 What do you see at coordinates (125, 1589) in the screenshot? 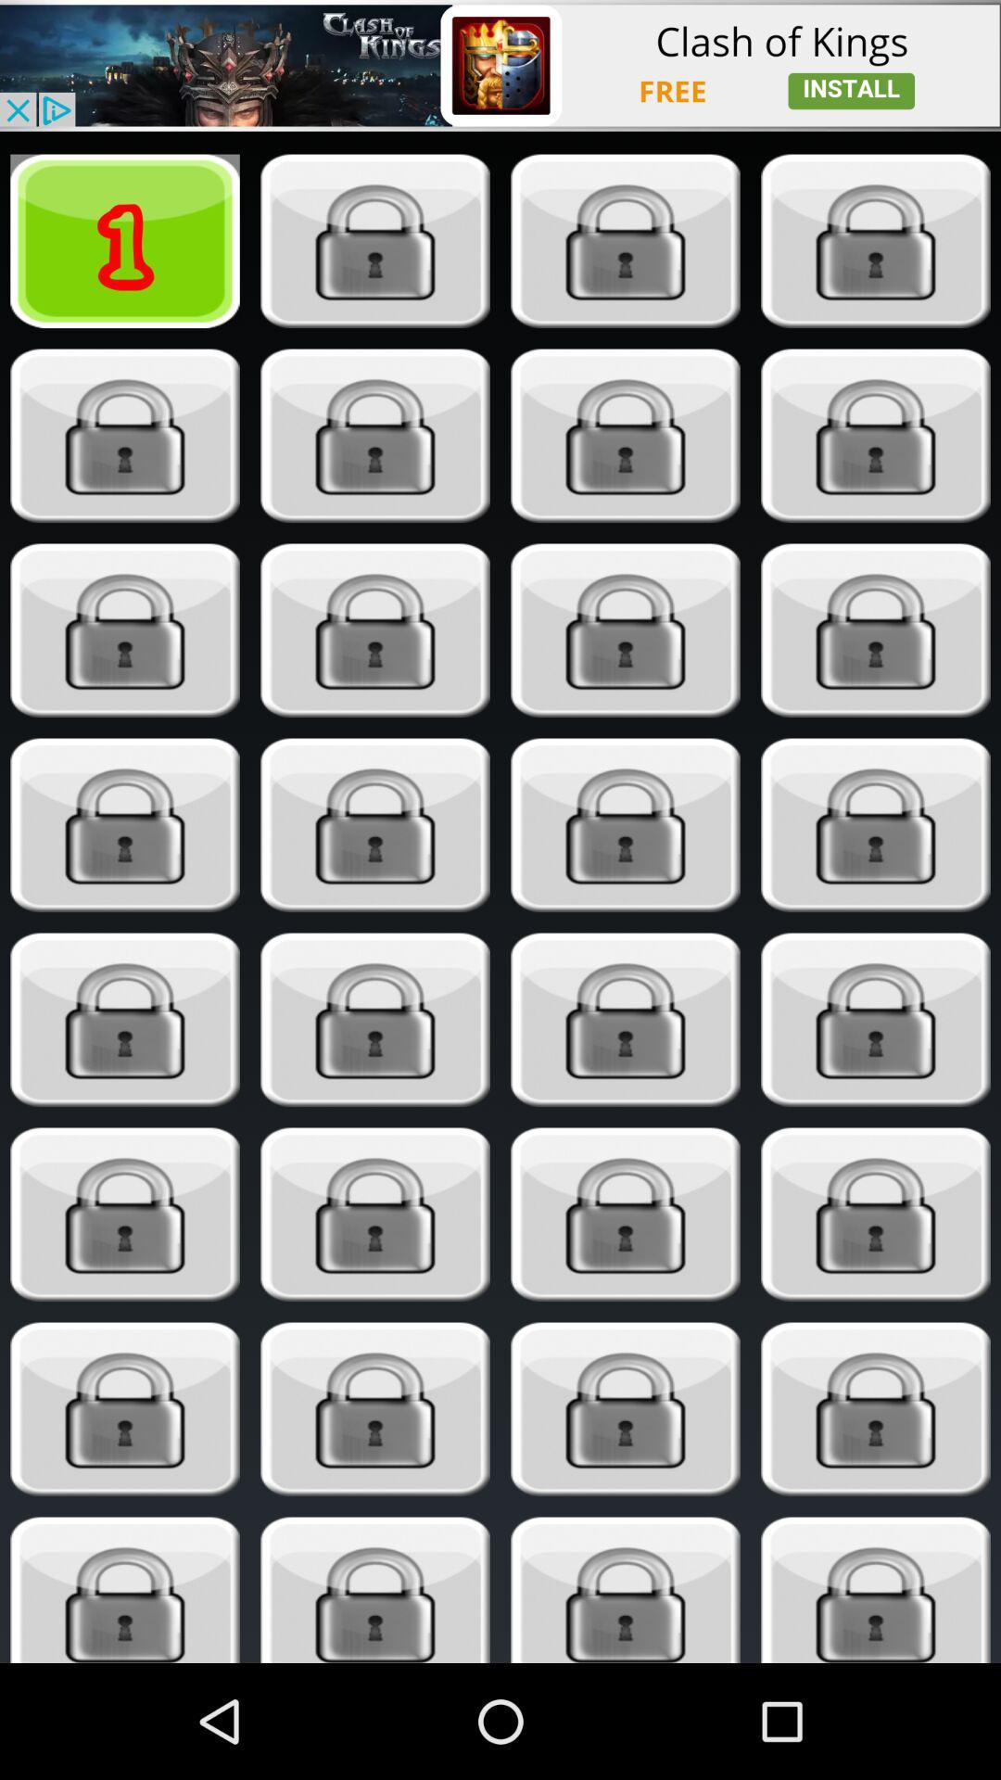
I see `unlock` at bounding box center [125, 1589].